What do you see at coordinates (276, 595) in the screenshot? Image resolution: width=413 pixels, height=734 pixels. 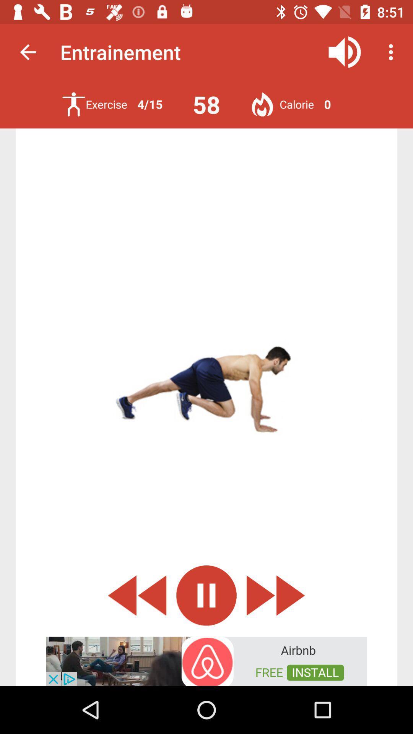 I see `skip ahead` at bounding box center [276, 595].